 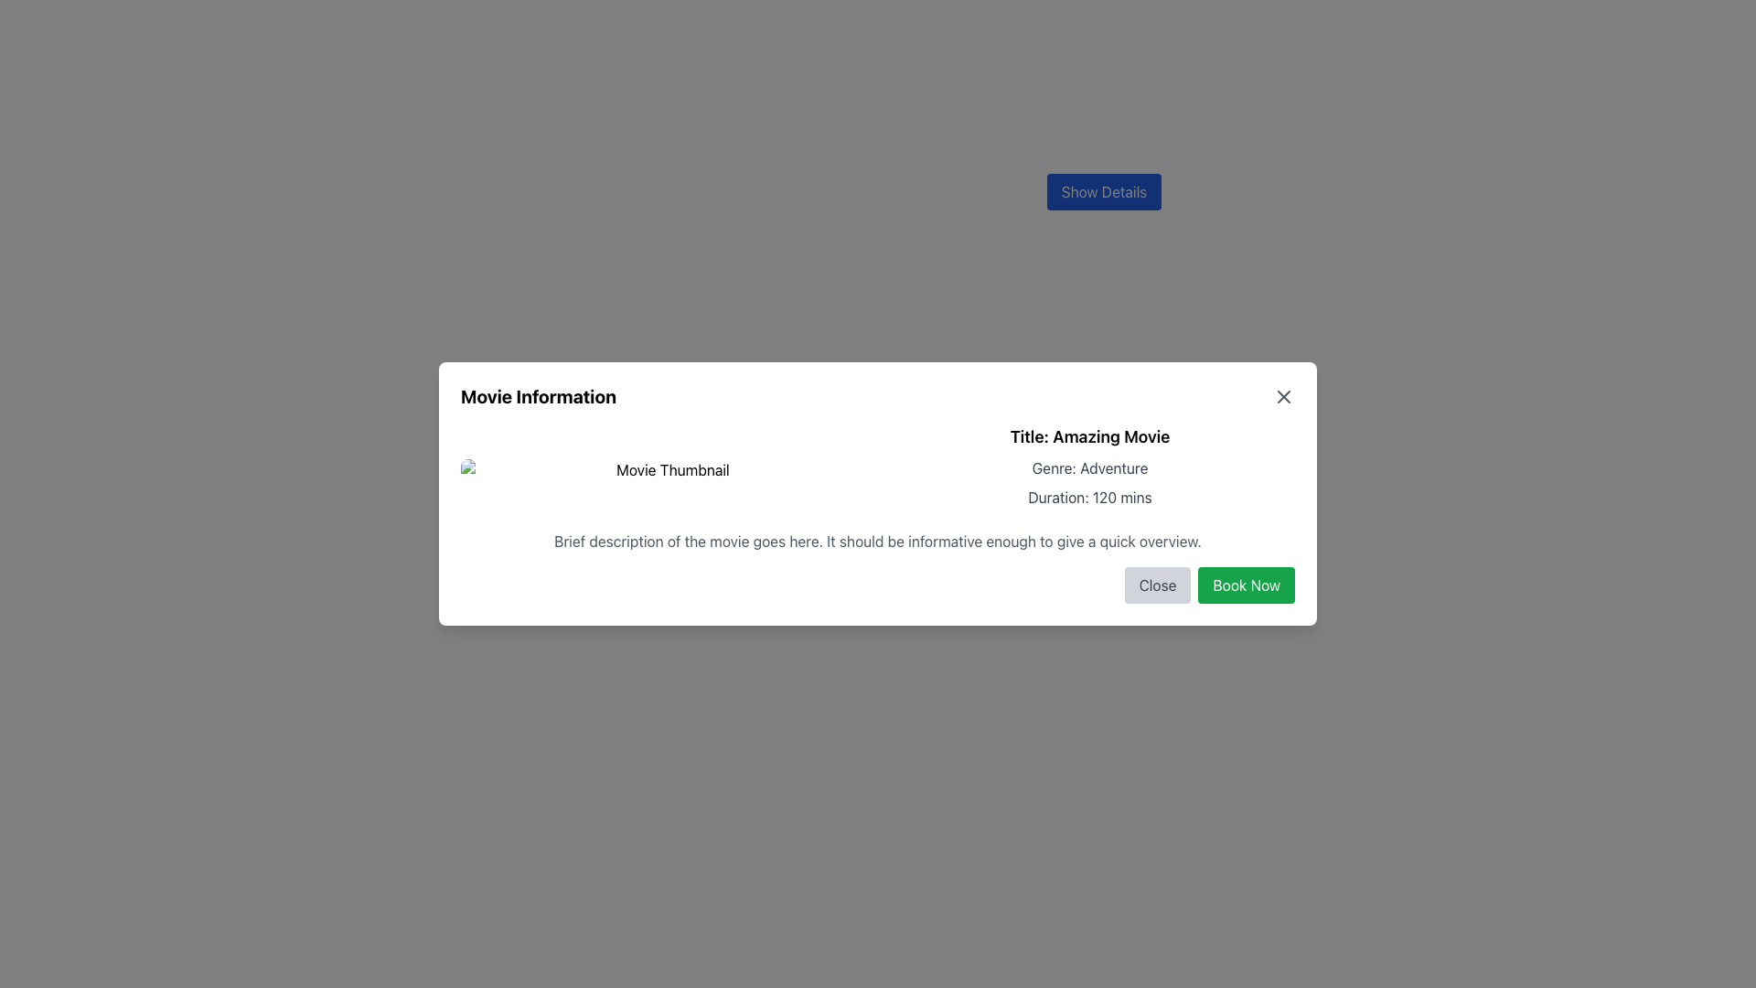 What do you see at coordinates (1103, 191) in the screenshot?
I see `the trigger button that reveals additional movie details by tabbing to it for accessibility` at bounding box center [1103, 191].